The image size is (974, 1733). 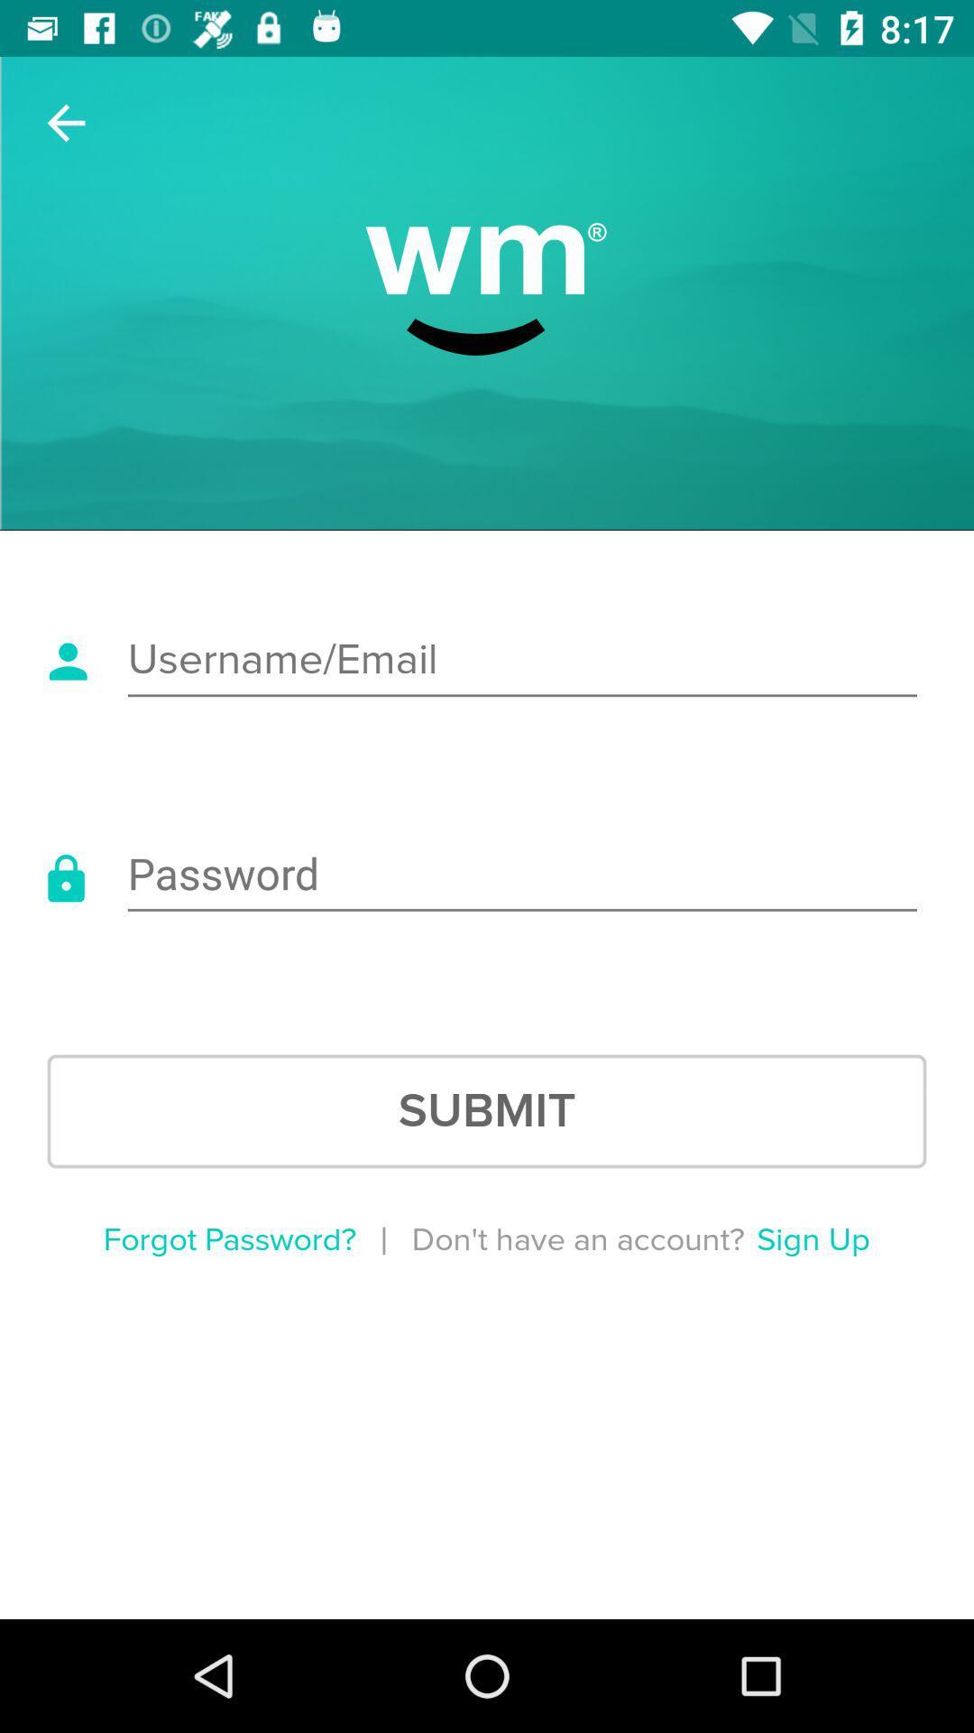 What do you see at coordinates (228, 1239) in the screenshot?
I see `forgot password? at the bottom left corner` at bounding box center [228, 1239].